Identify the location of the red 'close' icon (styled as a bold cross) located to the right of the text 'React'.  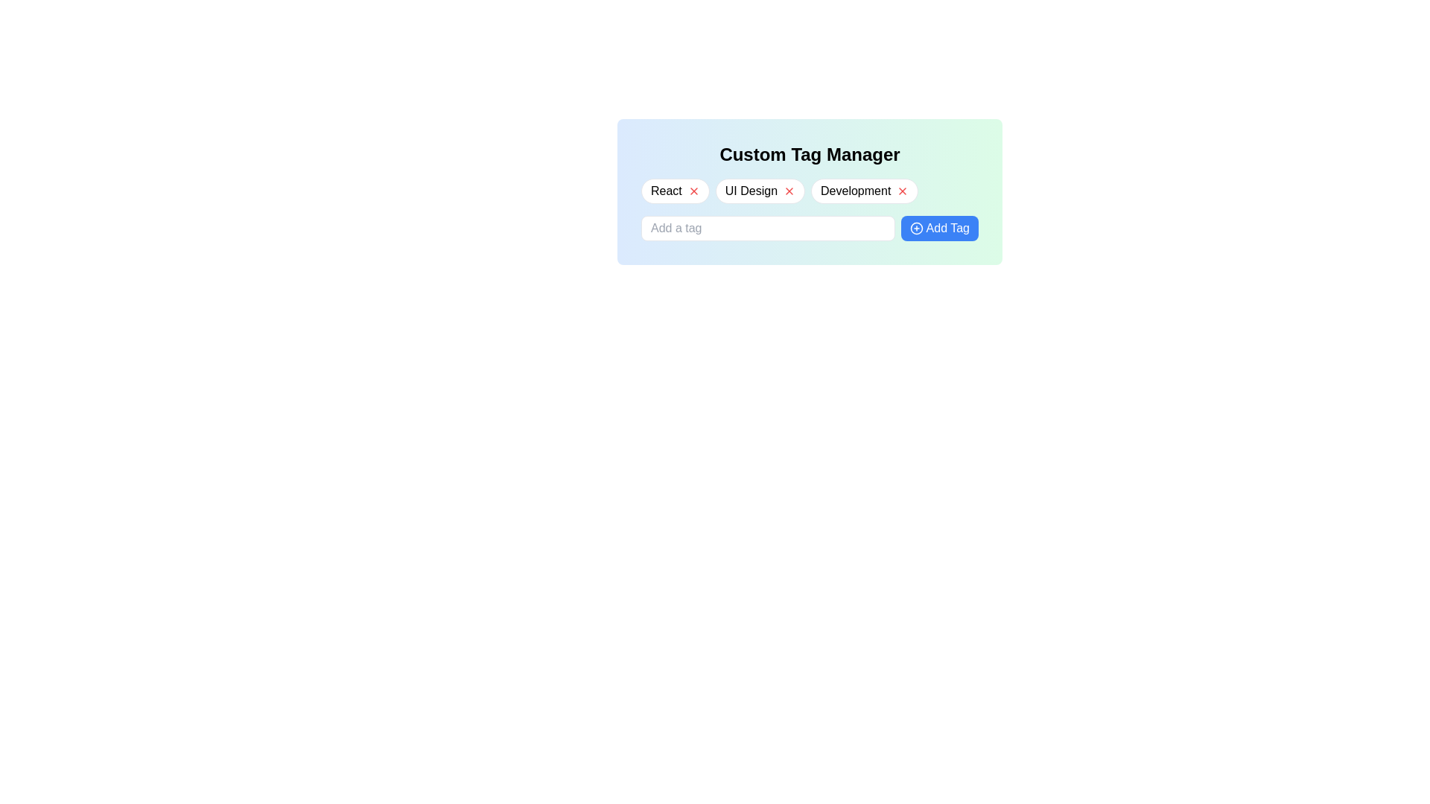
(693, 191).